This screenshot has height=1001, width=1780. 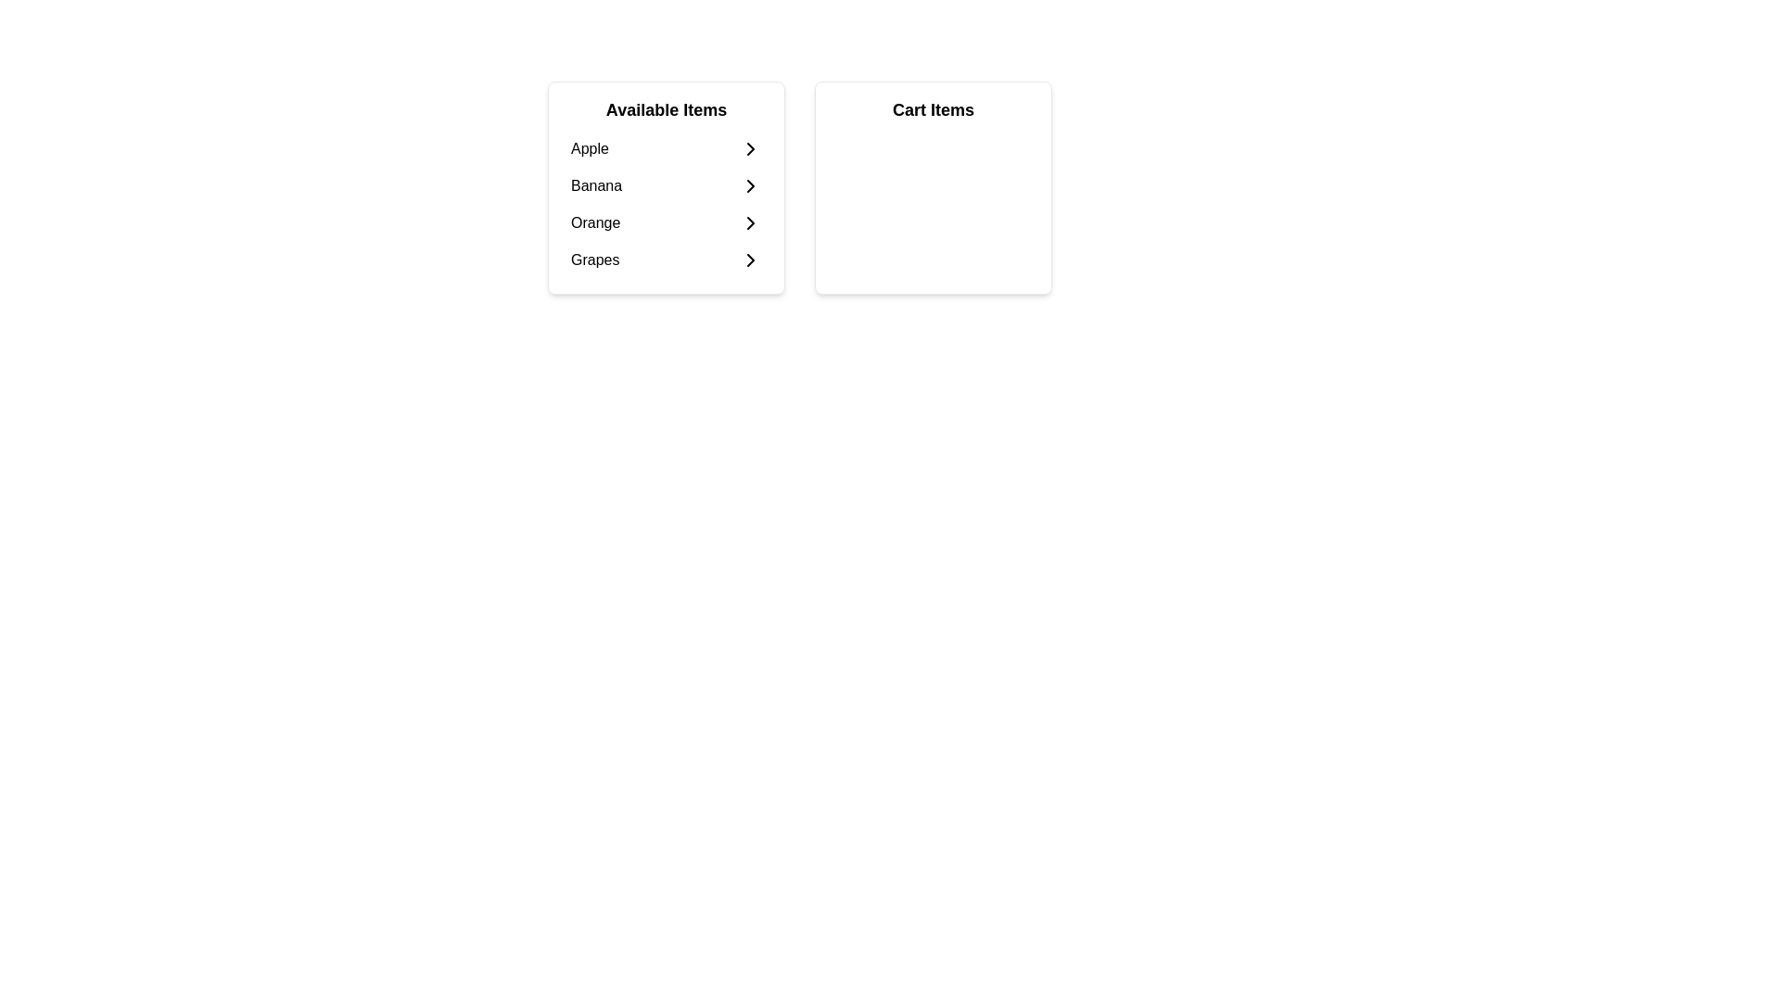 I want to click on the small chevron arrow icon pointing to the right, located next to the 'Banana' entry in the 'Available Items' list, which is the second item in the list, so click(x=751, y=185).